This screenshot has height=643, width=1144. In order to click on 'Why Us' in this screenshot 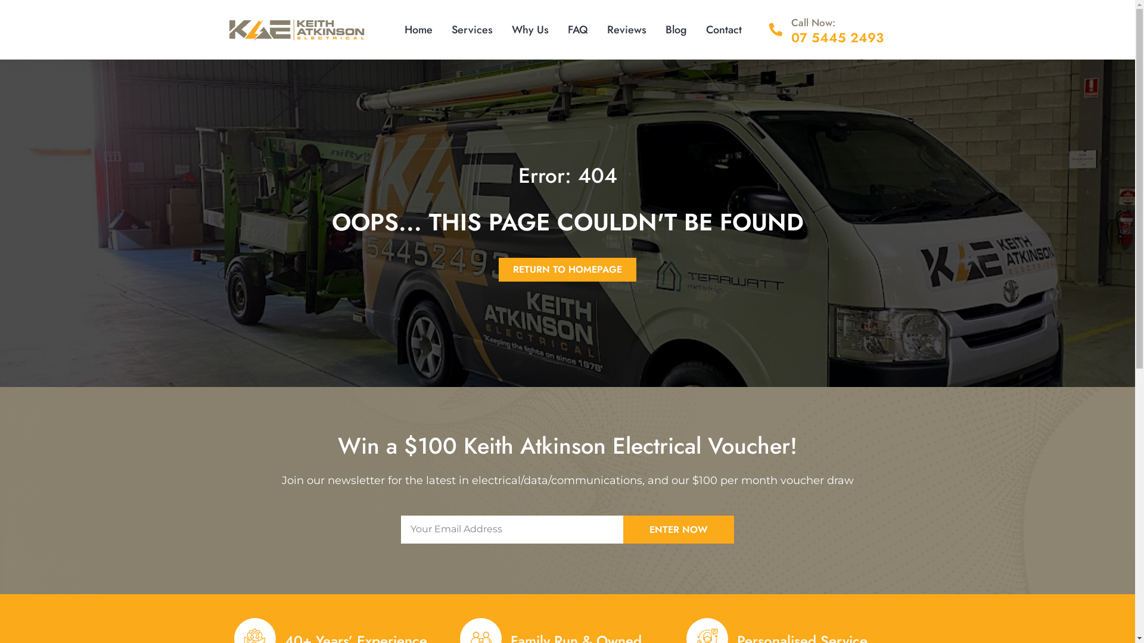, I will do `click(502, 29)`.